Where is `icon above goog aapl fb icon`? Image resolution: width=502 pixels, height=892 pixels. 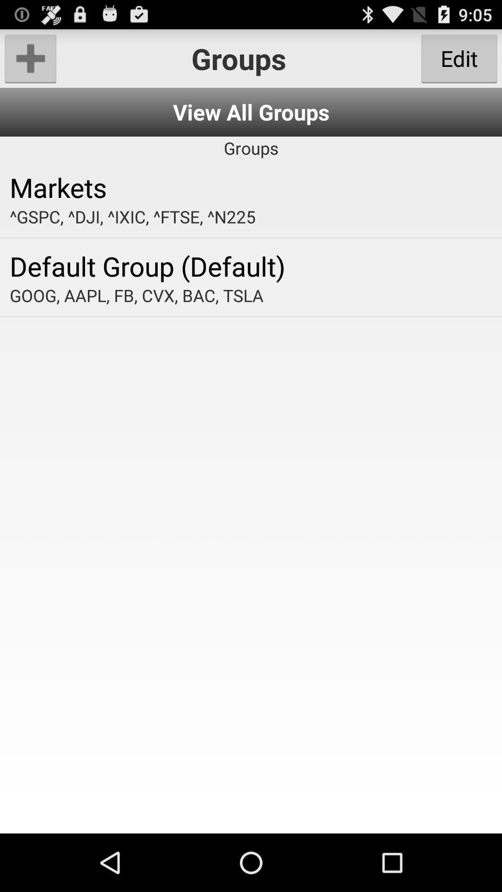 icon above goog aapl fb icon is located at coordinates (251, 265).